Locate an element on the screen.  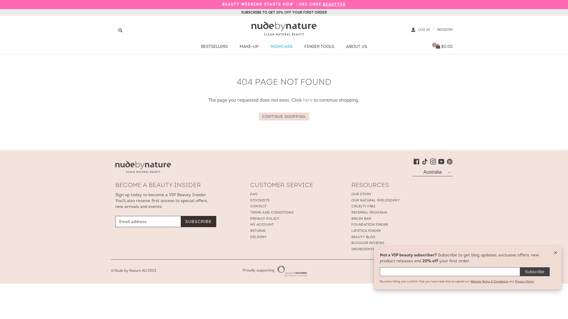
'BRUSH BAR' is located at coordinates (361, 219).